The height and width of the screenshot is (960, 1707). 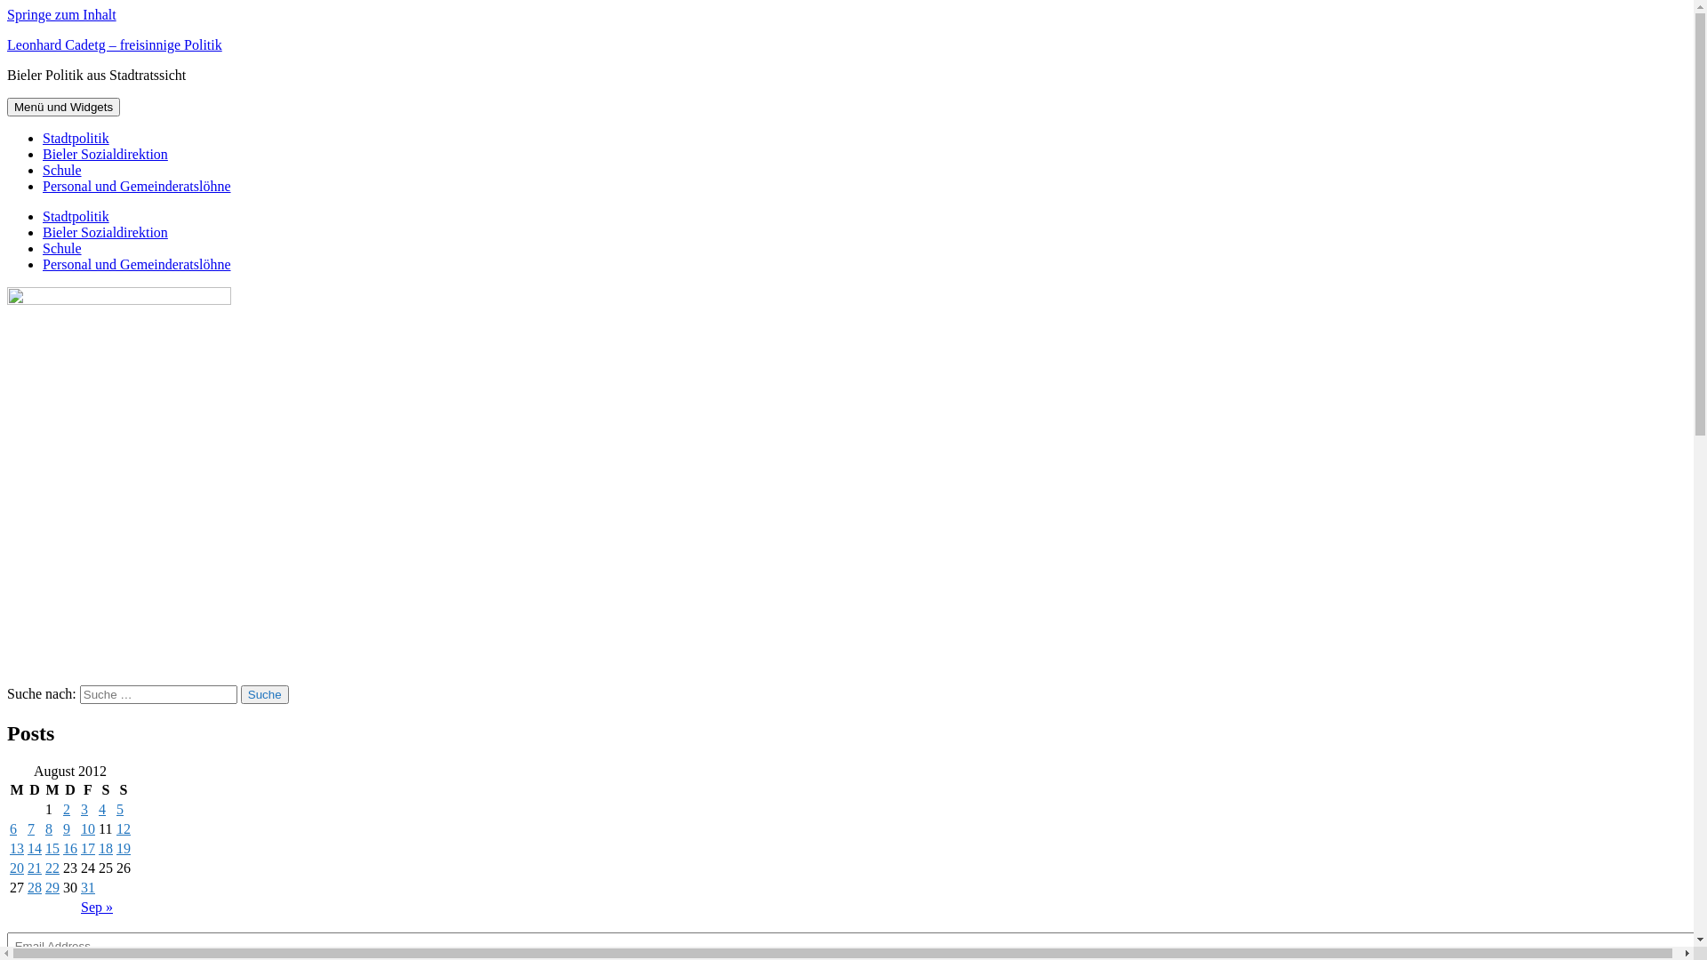 I want to click on '20', so click(x=17, y=867).